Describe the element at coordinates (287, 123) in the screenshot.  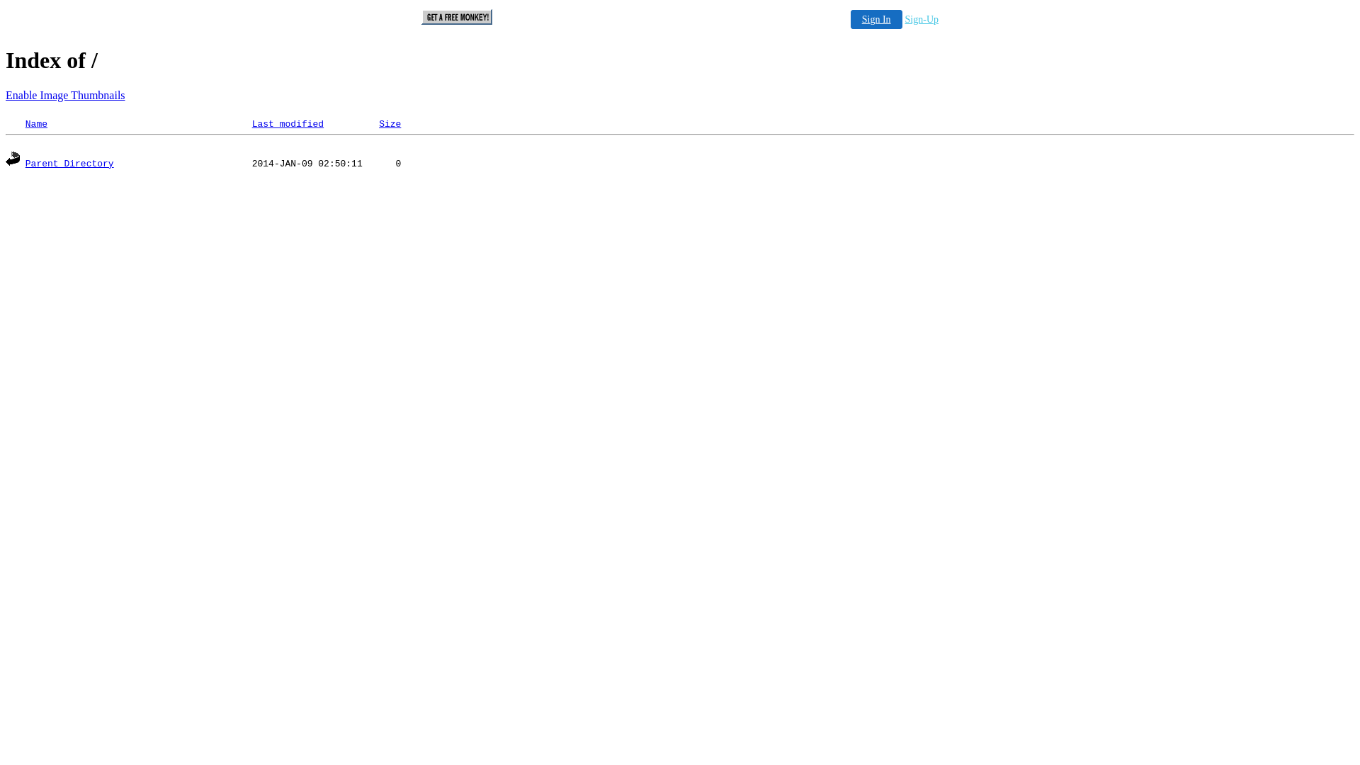
I see `'Last modified'` at that location.